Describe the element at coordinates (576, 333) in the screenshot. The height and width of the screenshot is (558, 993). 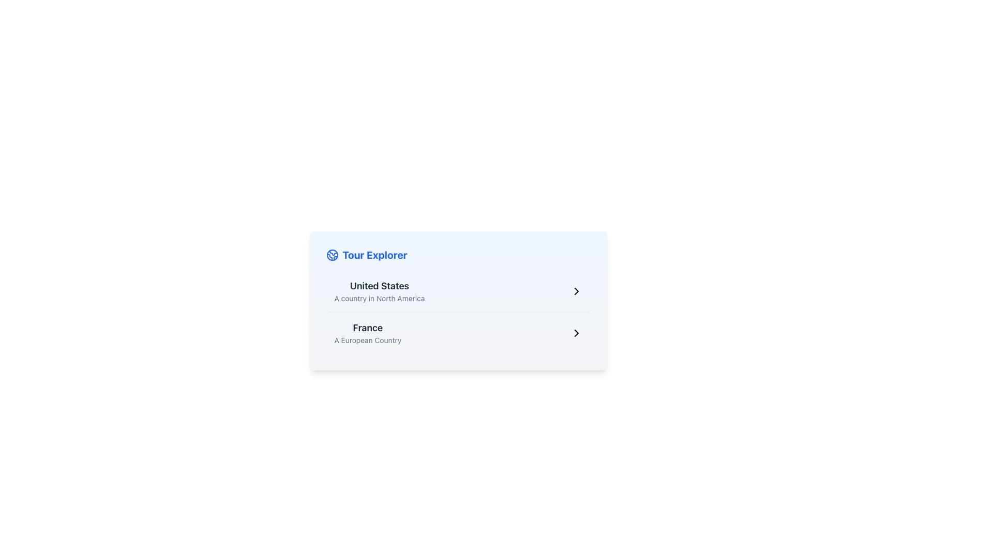
I see `the chevron arrow button located to the right of the text 'France'` at that location.